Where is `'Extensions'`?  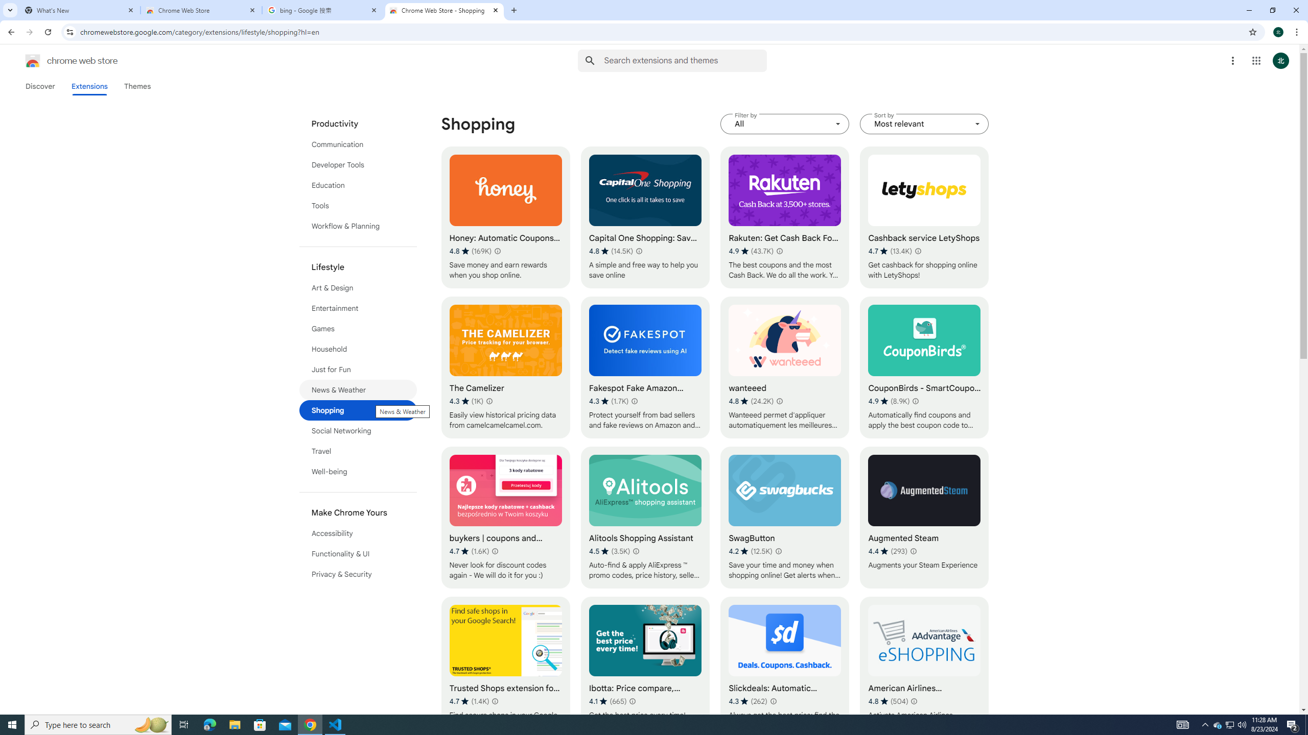 'Extensions' is located at coordinates (89, 86).